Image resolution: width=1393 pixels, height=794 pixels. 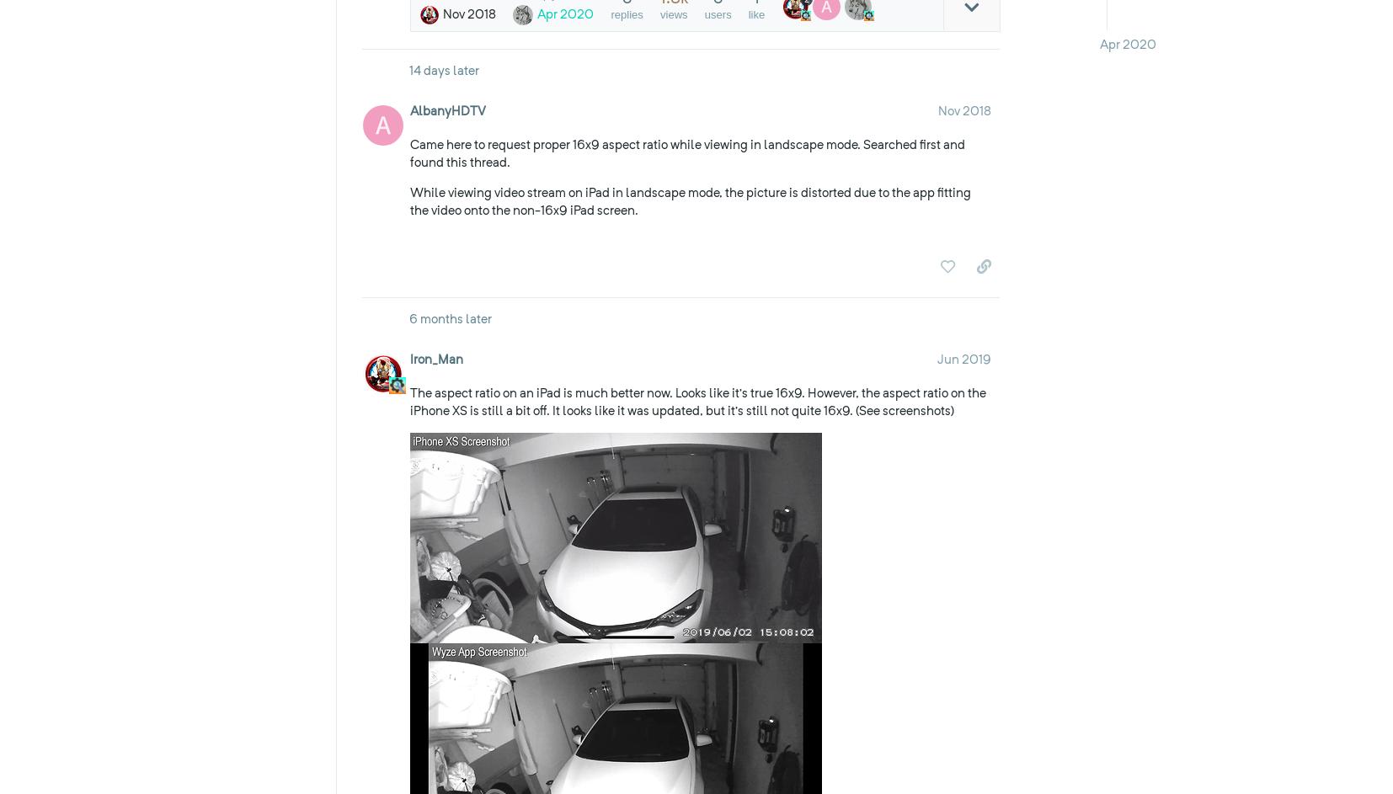 I want to click on 'Always Be Civil', so click(x=443, y=570).